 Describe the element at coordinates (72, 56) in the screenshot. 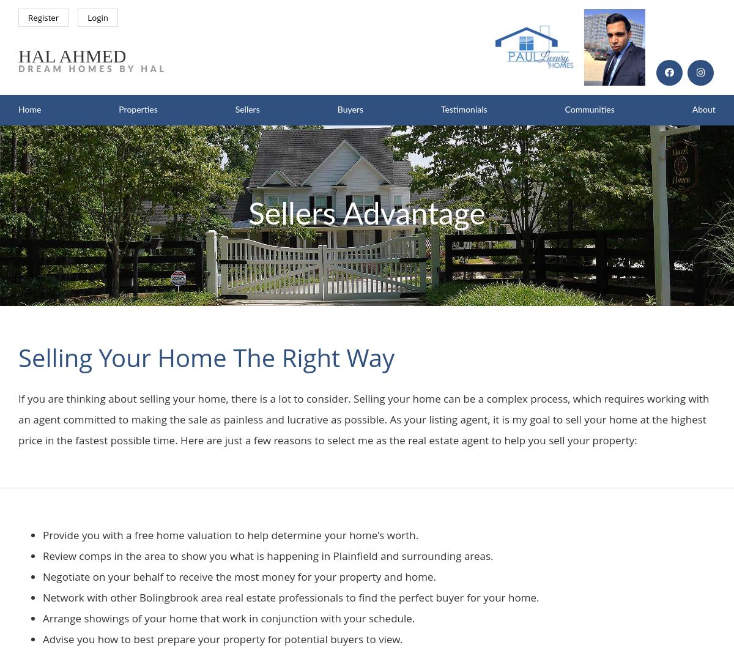

I see `'Hal Ahmed'` at that location.